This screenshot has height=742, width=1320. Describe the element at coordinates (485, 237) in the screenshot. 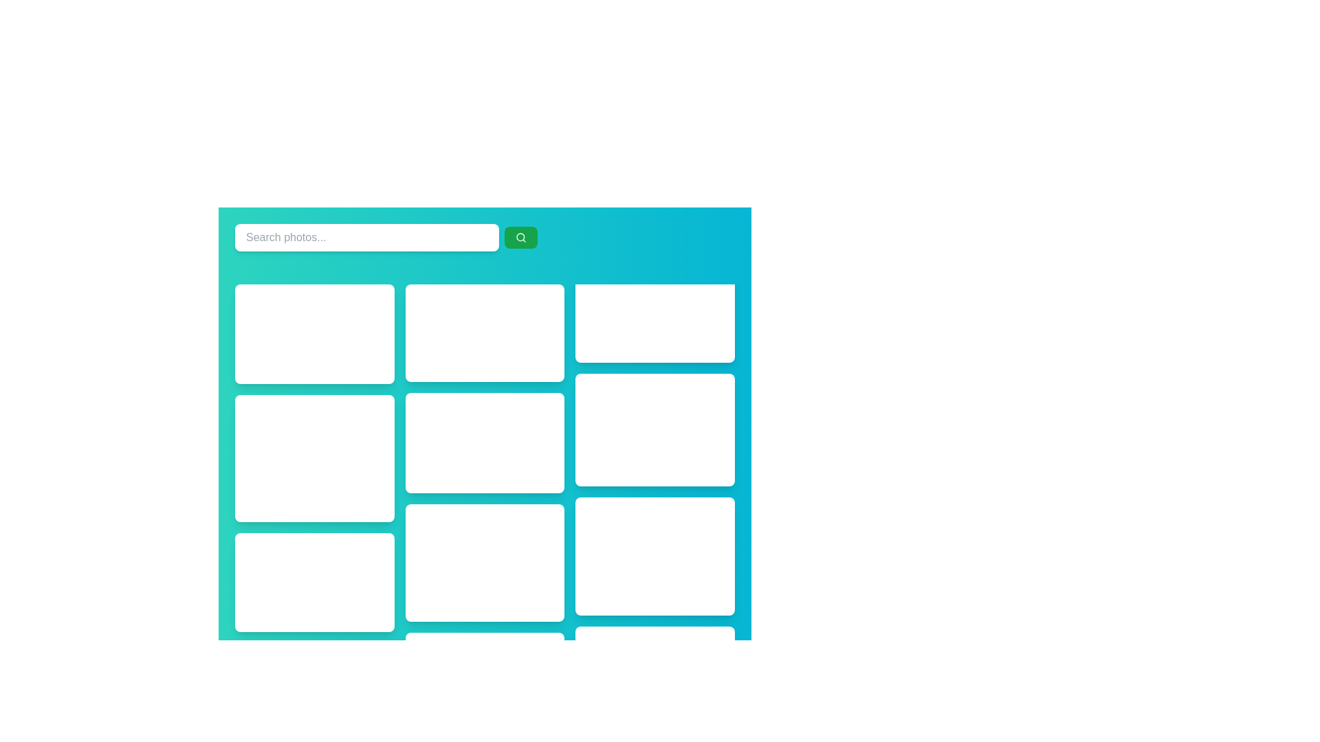

I see `the search button located at the top section of the grid layout of photo thumbnails` at that location.